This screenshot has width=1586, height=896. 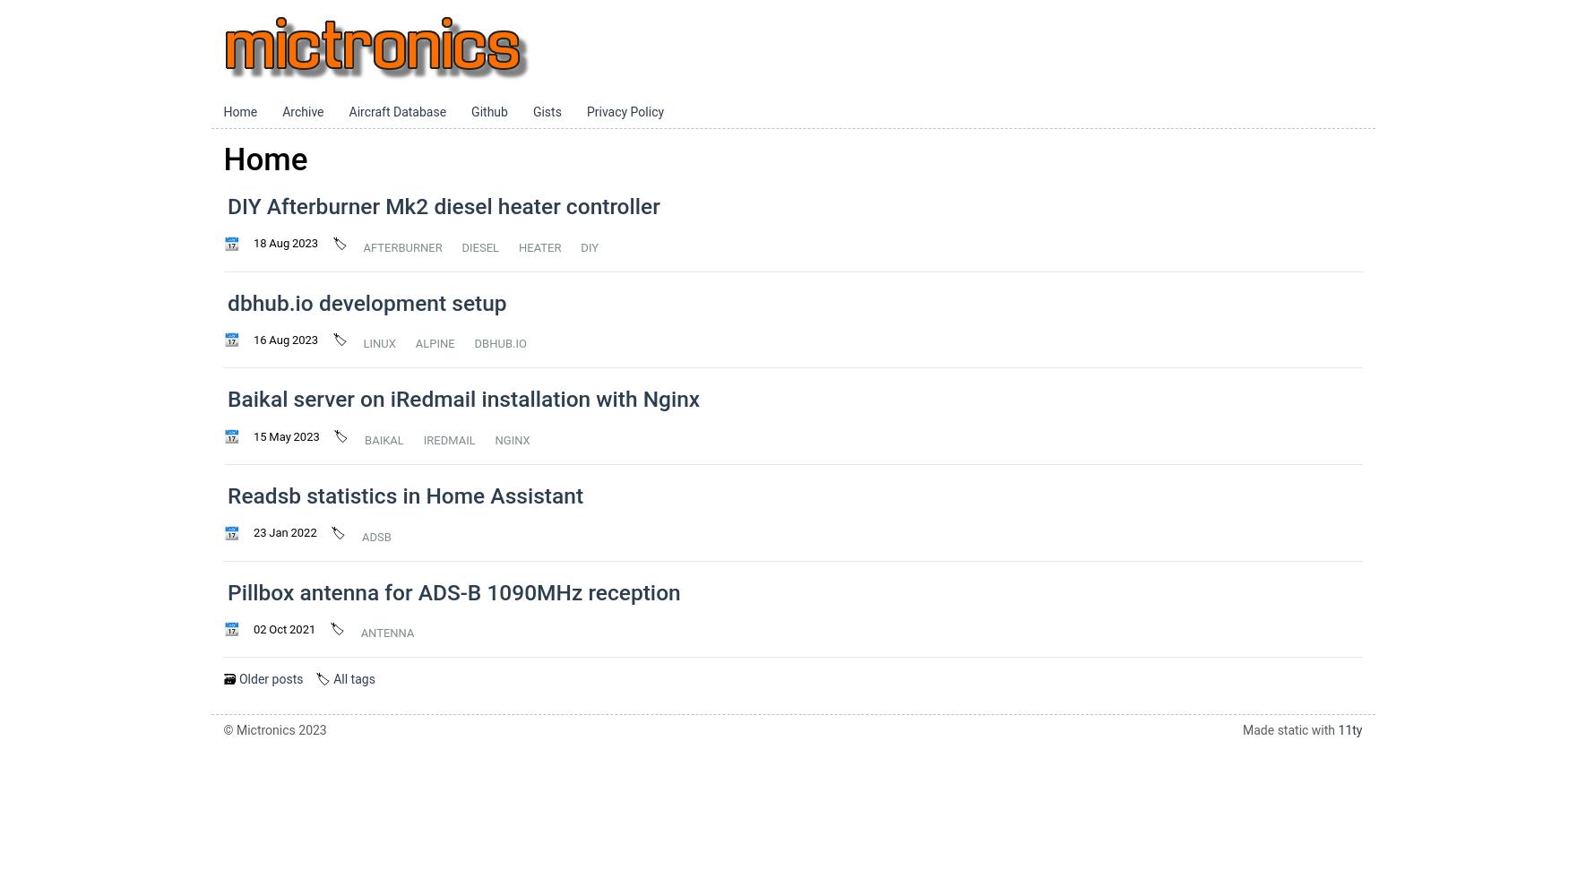 I want to click on 'Antenna', so click(x=386, y=632).